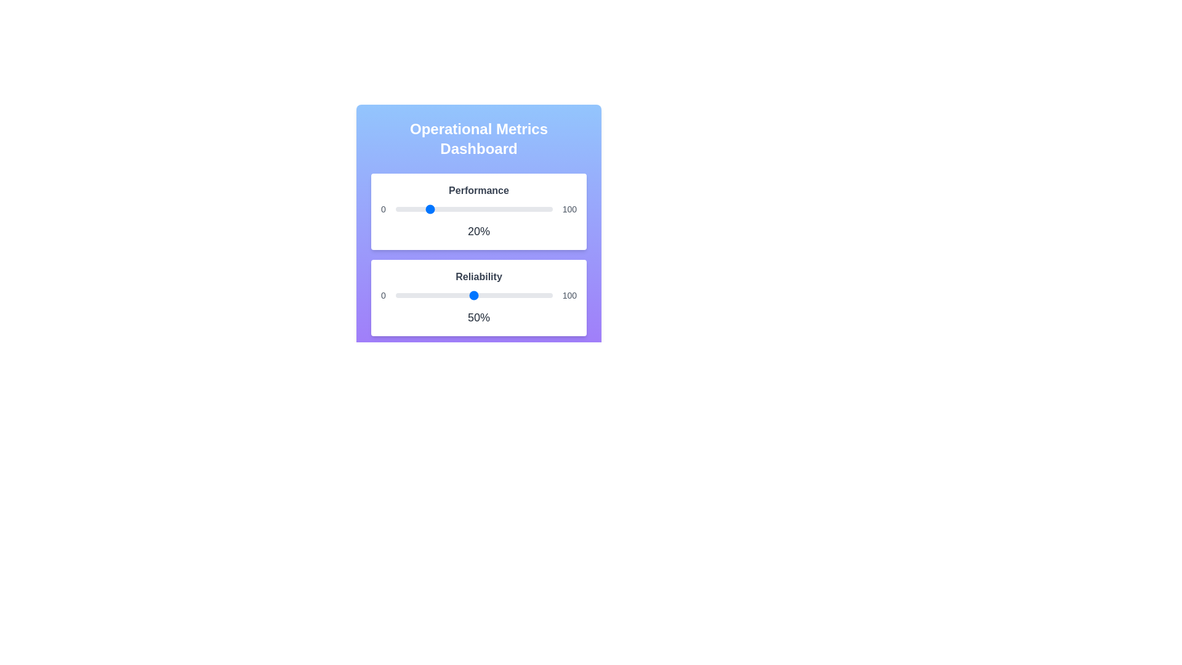 The width and height of the screenshot is (1182, 665). I want to click on the reliability value, so click(532, 295).